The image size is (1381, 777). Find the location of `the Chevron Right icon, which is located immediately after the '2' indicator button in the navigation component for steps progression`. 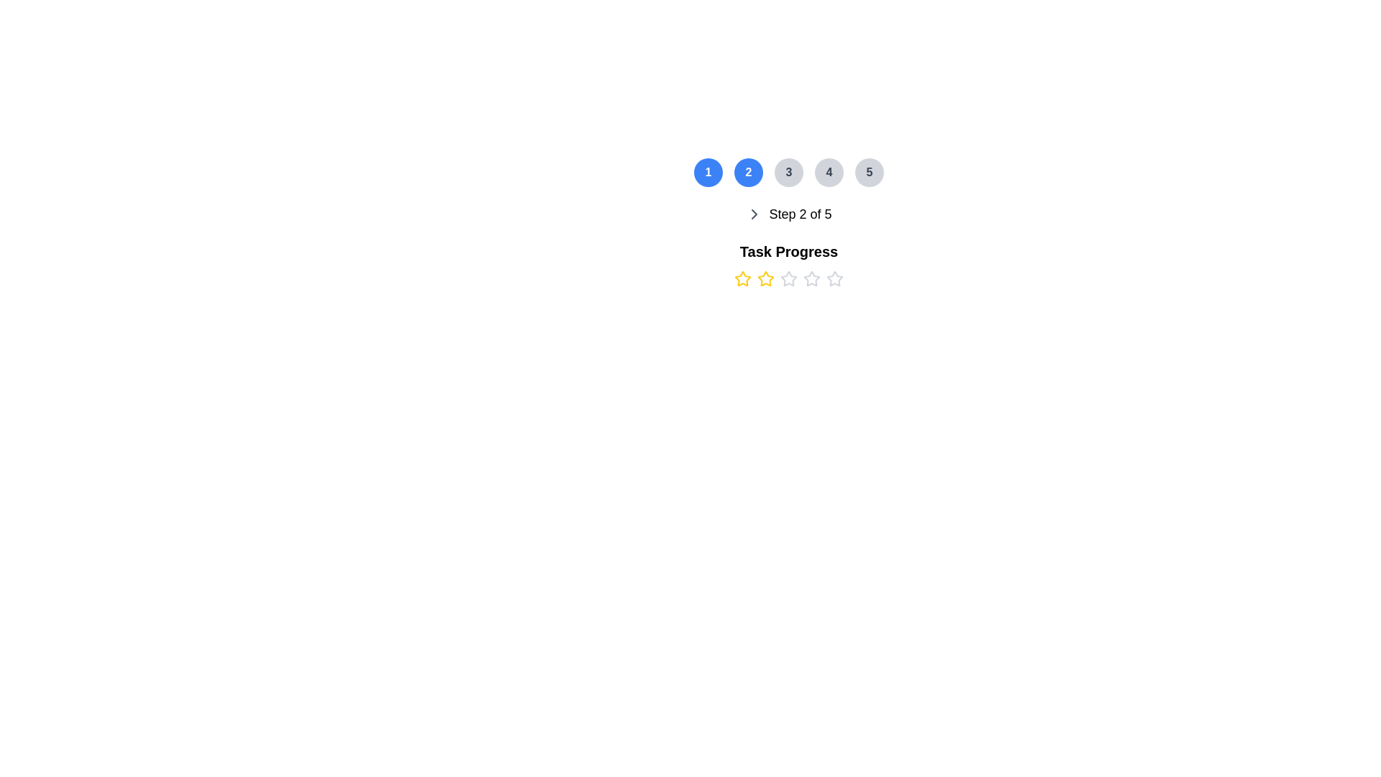

the Chevron Right icon, which is located immediately after the '2' indicator button in the navigation component for steps progression is located at coordinates (754, 214).